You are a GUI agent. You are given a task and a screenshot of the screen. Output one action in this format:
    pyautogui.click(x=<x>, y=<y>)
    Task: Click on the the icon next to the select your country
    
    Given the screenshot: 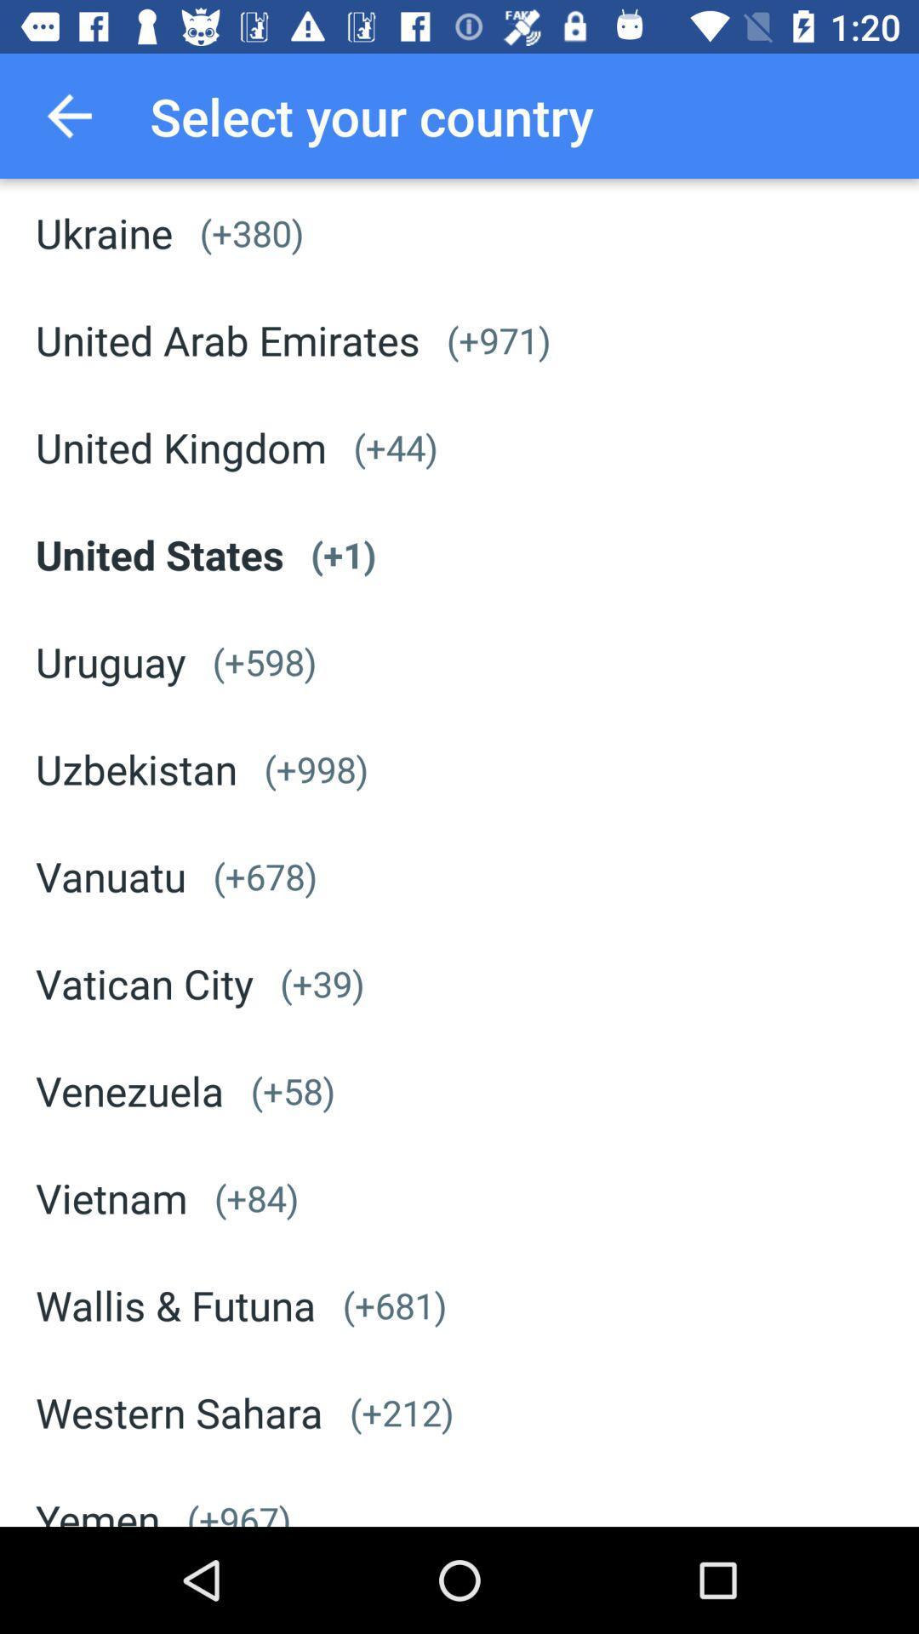 What is the action you would take?
    pyautogui.click(x=68, y=115)
    